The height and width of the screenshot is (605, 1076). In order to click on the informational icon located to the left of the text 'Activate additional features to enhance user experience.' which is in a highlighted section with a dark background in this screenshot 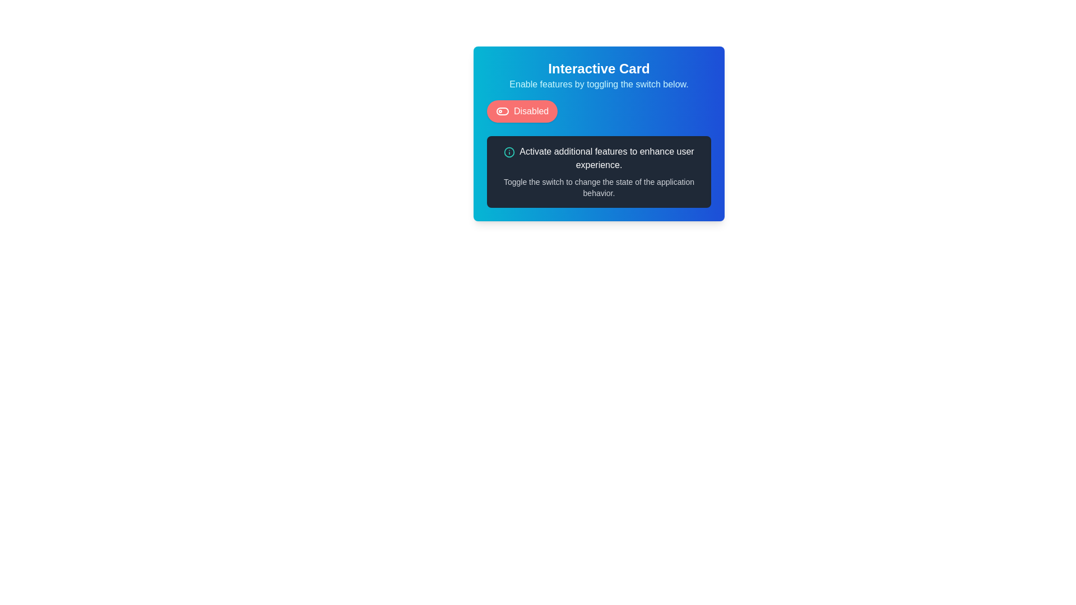, I will do `click(509, 152)`.